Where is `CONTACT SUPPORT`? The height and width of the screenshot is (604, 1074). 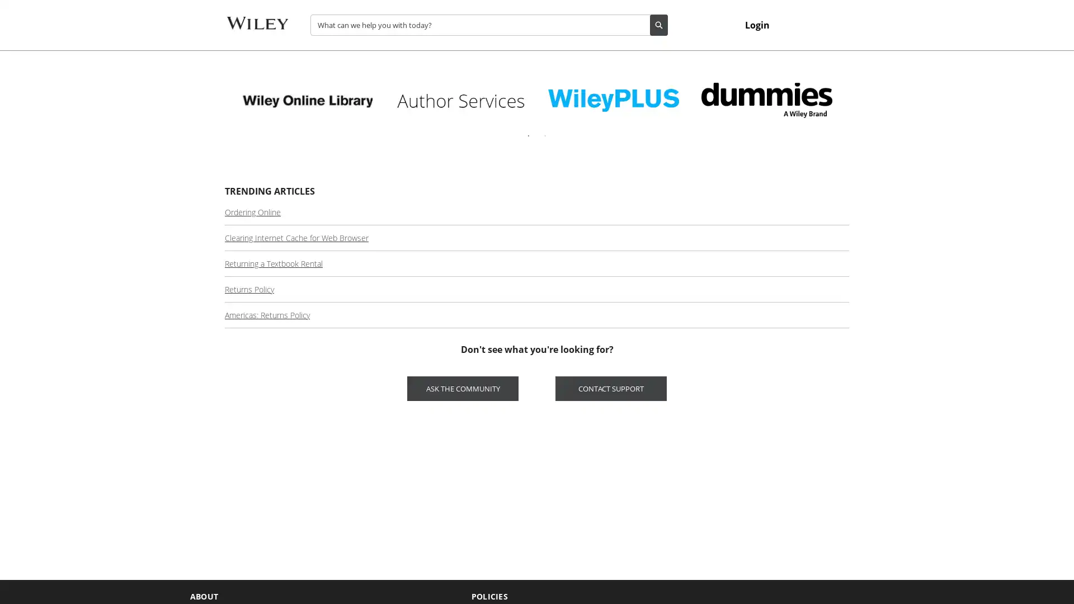 CONTACT SUPPORT is located at coordinates (610, 388).